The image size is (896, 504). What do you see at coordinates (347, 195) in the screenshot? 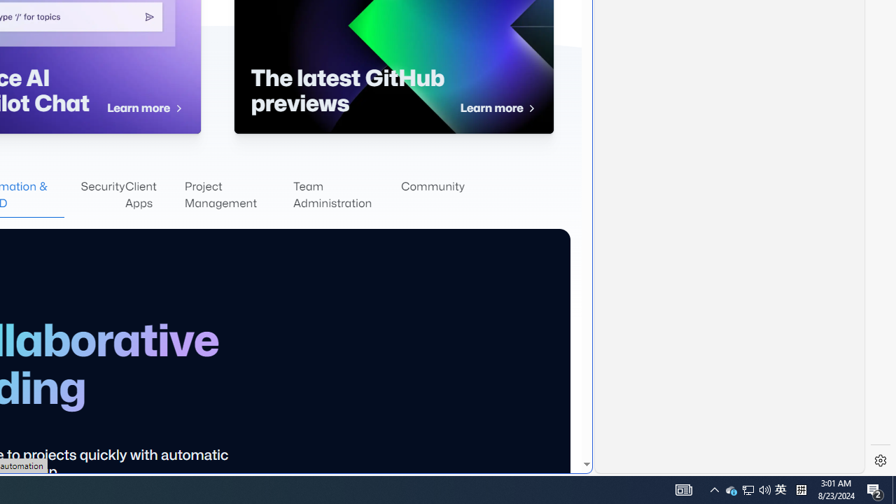
I see `'Team Administration'` at bounding box center [347, 195].